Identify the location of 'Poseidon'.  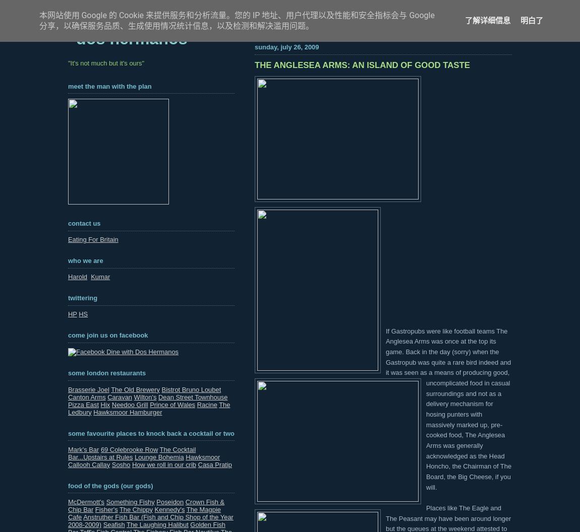
(169, 501).